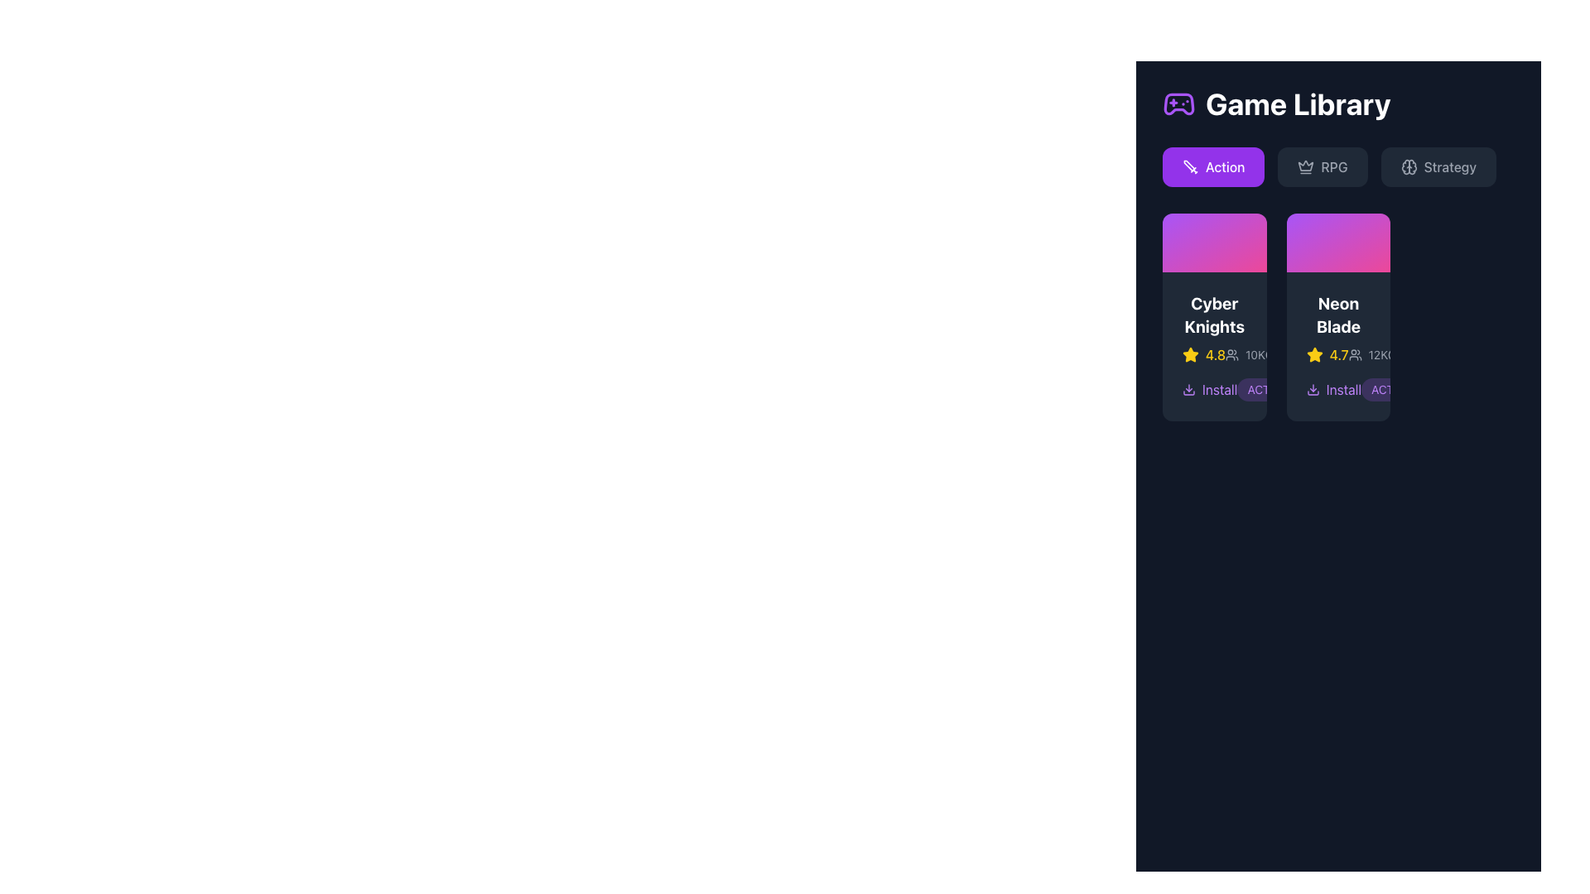 The image size is (1590, 894). What do you see at coordinates (1338, 353) in the screenshot?
I see `the yellow star icon in the rating indicator of the 'Neon Blade' game card to interact with the rating` at bounding box center [1338, 353].